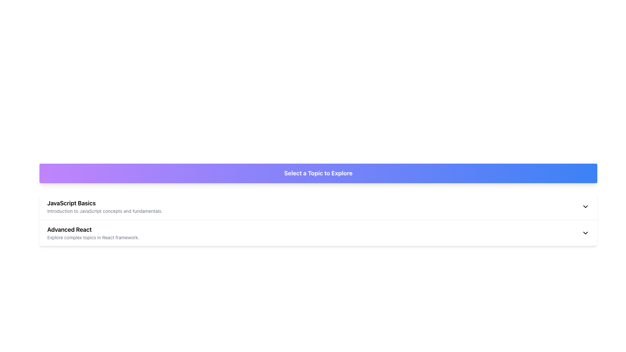 The width and height of the screenshot is (626, 352). I want to click on the 'Advanced React' text with description item element, so click(93, 232).